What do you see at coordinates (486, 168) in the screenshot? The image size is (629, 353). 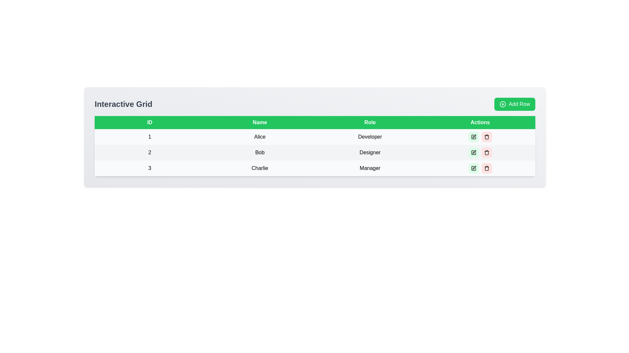 I see `the trash icon in the Actions column of the third entry in the table` at bounding box center [486, 168].